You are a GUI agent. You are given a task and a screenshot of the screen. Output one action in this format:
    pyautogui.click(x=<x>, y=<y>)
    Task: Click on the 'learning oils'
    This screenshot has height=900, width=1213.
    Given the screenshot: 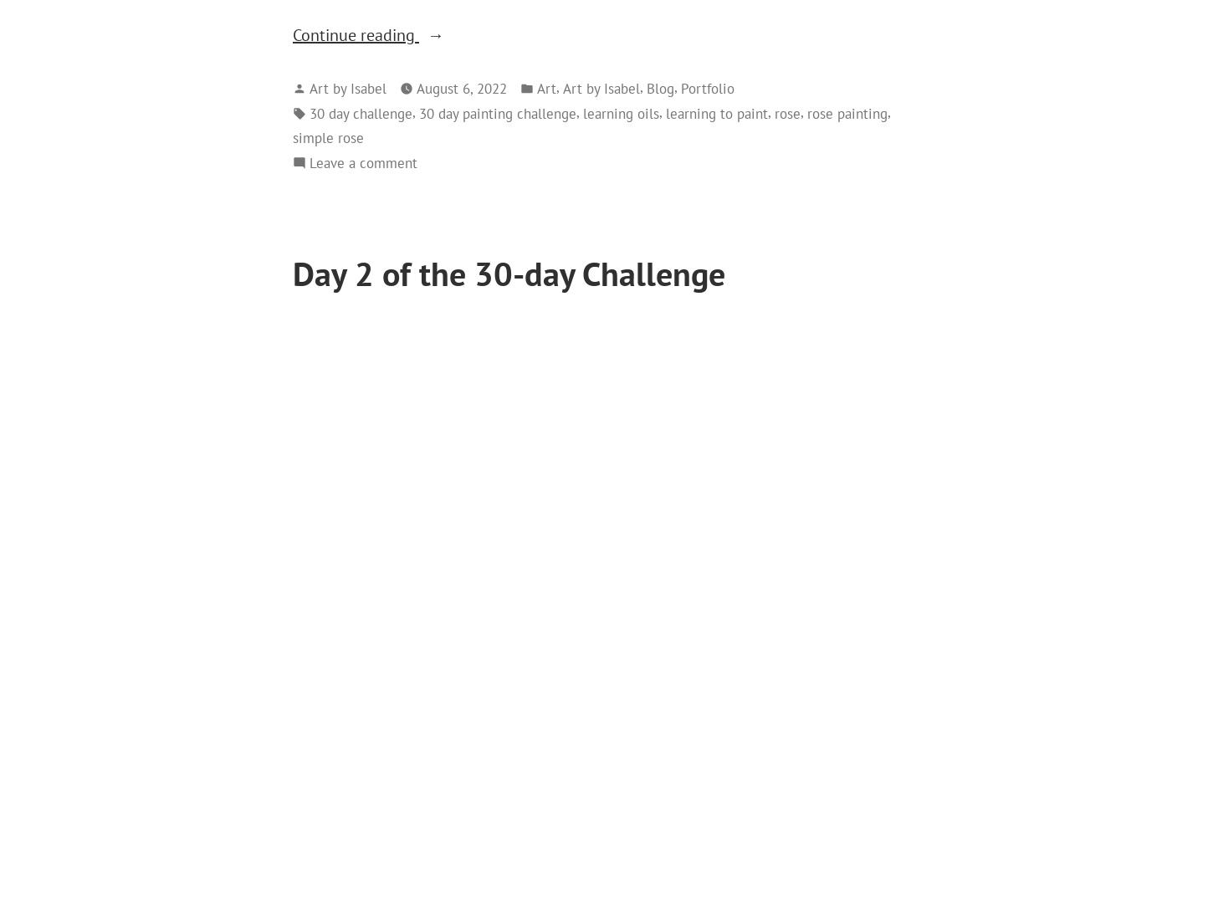 What is the action you would take?
    pyautogui.click(x=621, y=111)
    